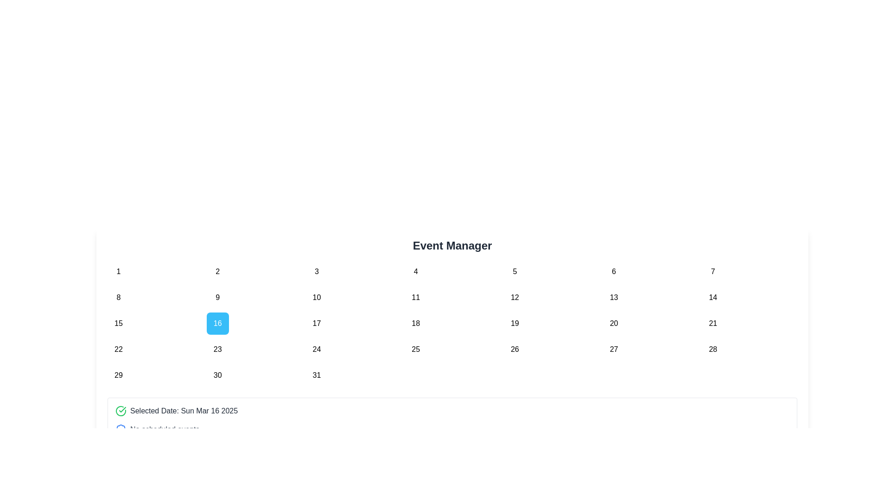  I want to click on the button labeled '8' located in the first column of the second row of the grid below the heading 'Event Manager', so click(118, 298).